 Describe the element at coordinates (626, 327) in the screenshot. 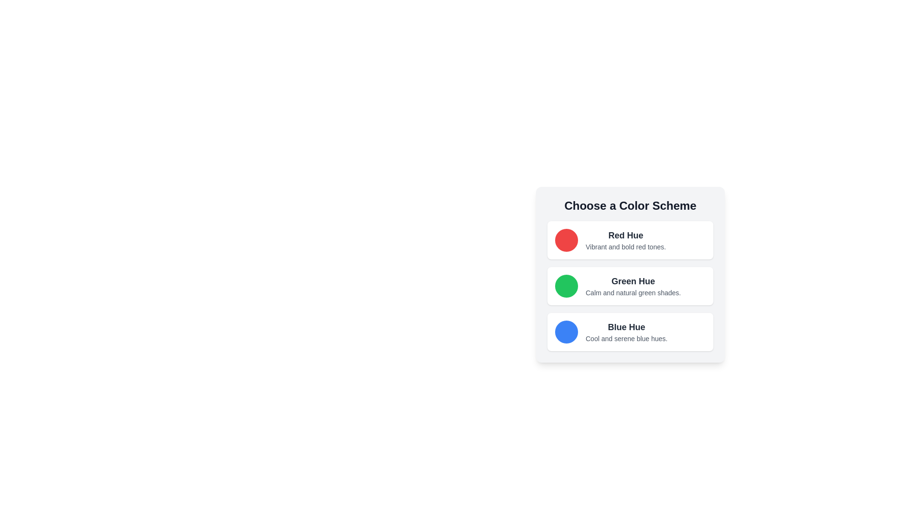

I see `the Text label that serves as the title for the 'Blue Hue' section, located above the text 'Cool and serene blue hues.'` at that location.